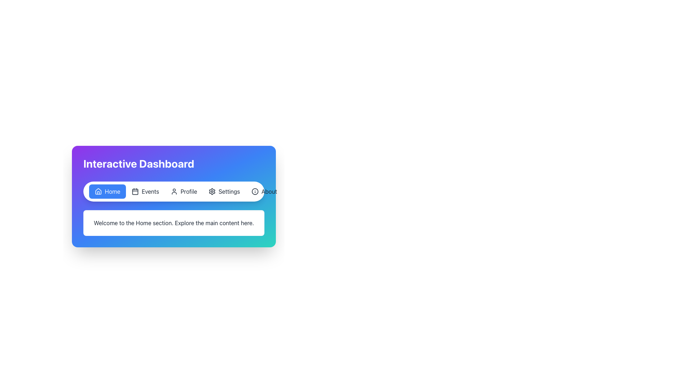 This screenshot has height=386, width=687. I want to click on the calendar icon located in the navigation bar, positioned to the left of the 'Events' label, so click(135, 191).